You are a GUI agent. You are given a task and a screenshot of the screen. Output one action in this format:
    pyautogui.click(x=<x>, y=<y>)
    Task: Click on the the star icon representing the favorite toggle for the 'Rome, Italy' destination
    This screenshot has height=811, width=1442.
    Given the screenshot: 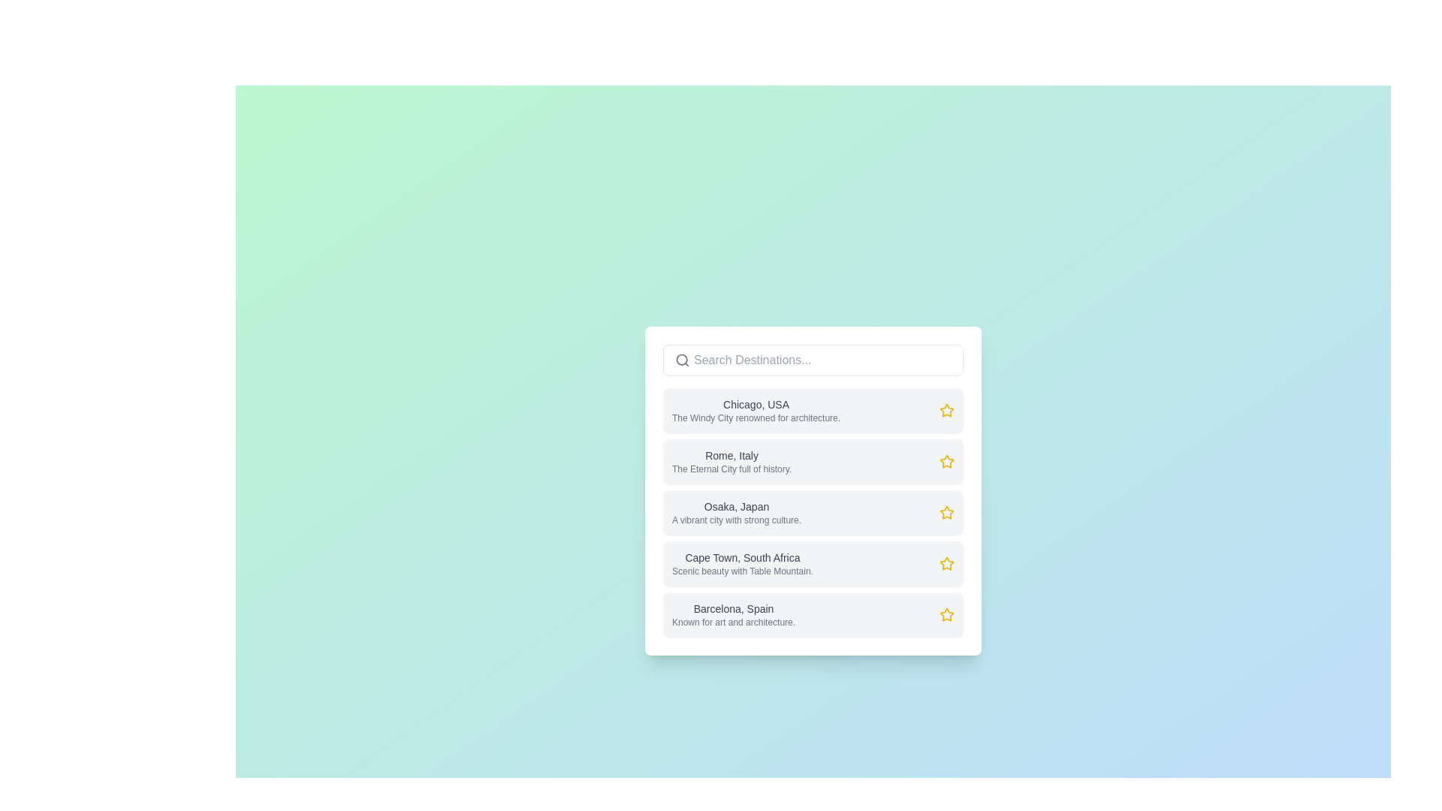 What is the action you would take?
    pyautogui.click(x=945, y=460)
    